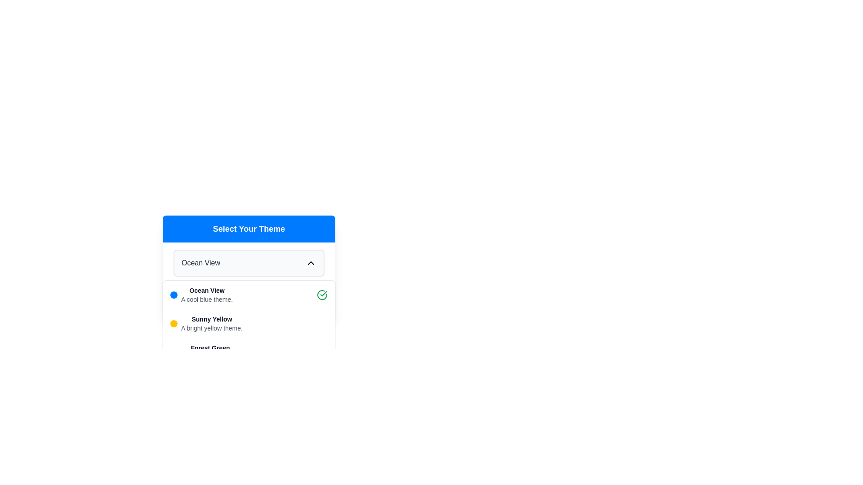 Image resolution: width=863 pixels, height=485 pixels. I want to click on text block displaying 'A bright yellow theme,' which is styled with a small font size and grey color, located directly below the title 'Sunny Yellow' in the theme selection list, so click(211, 328).